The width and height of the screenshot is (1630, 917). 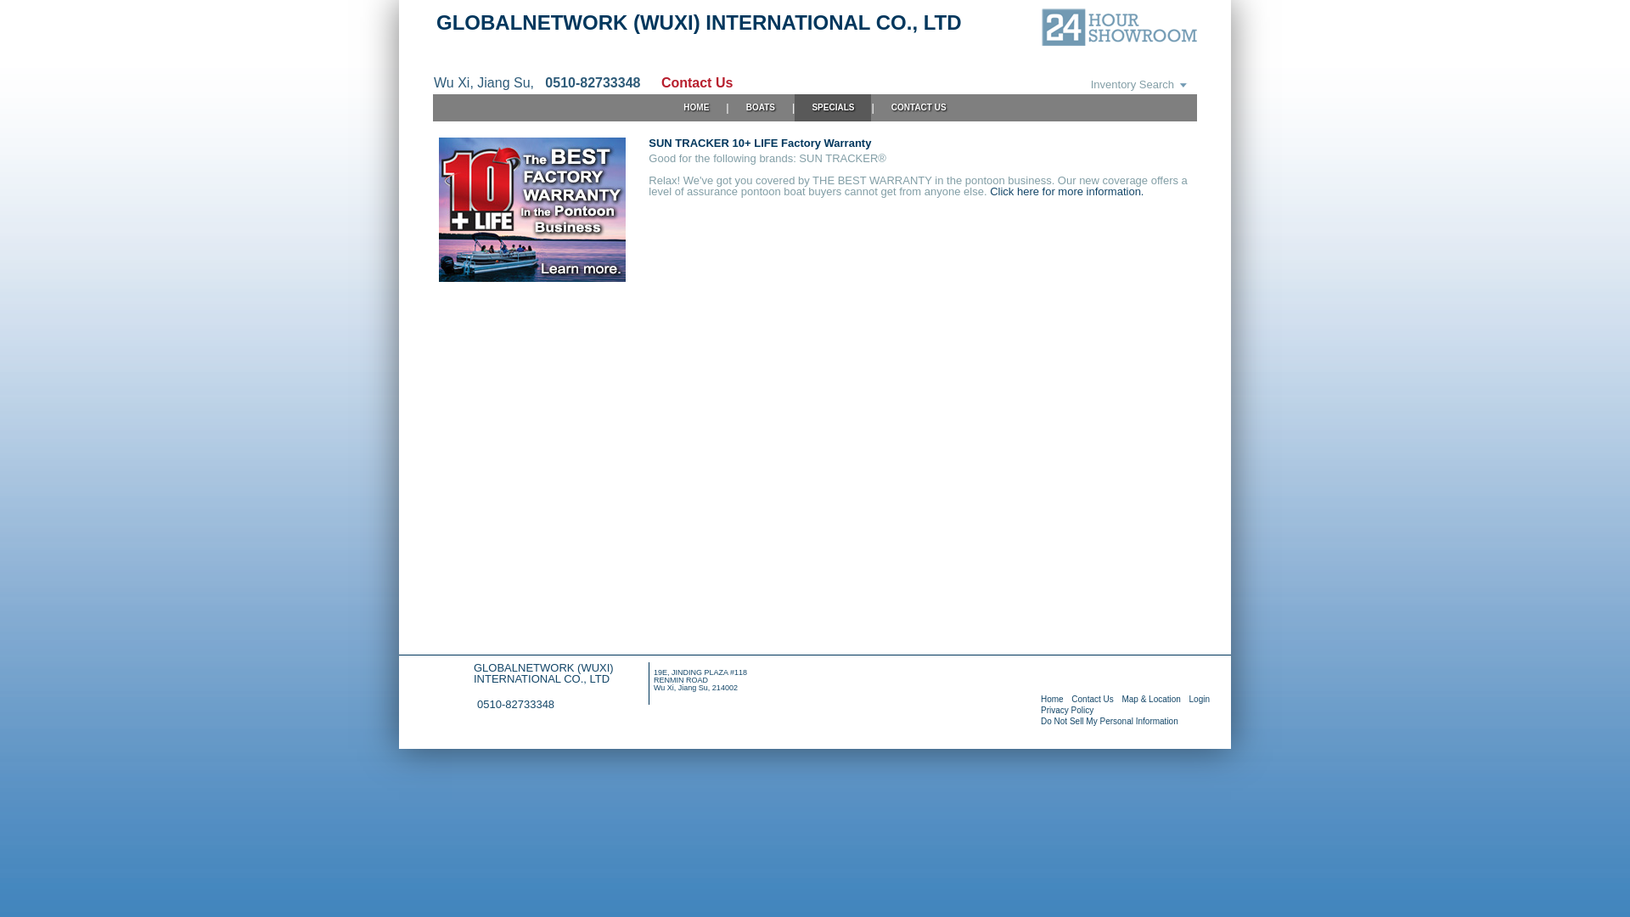 I want to click on 'CONTACT US', so click(x=918, y=108).